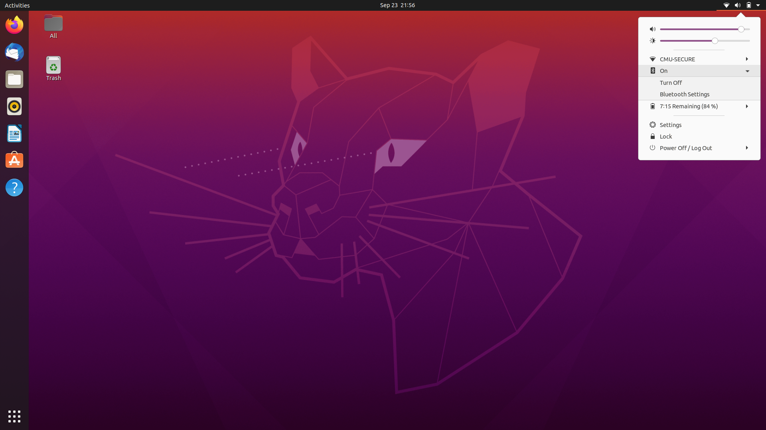 The image size is (766, 430). What do you see at coordinates (663, 40) in the screenshot?
I see `Lower Screen Brightness Level` at bounding box center [663, 40].